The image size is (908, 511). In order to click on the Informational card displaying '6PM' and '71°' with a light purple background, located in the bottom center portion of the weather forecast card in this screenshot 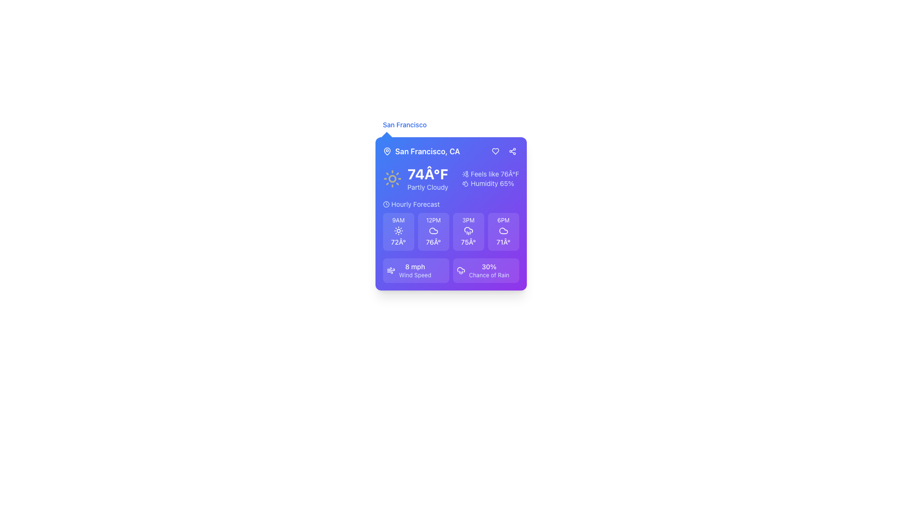, I will do `click(503, 231)`.